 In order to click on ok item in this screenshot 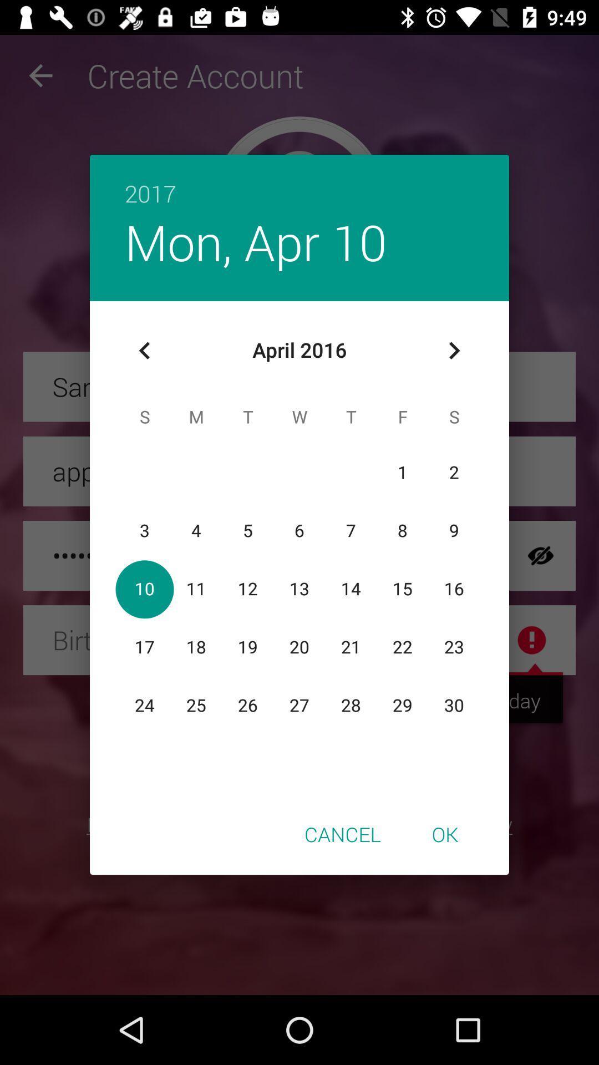, I will do `click(444, 834)`.